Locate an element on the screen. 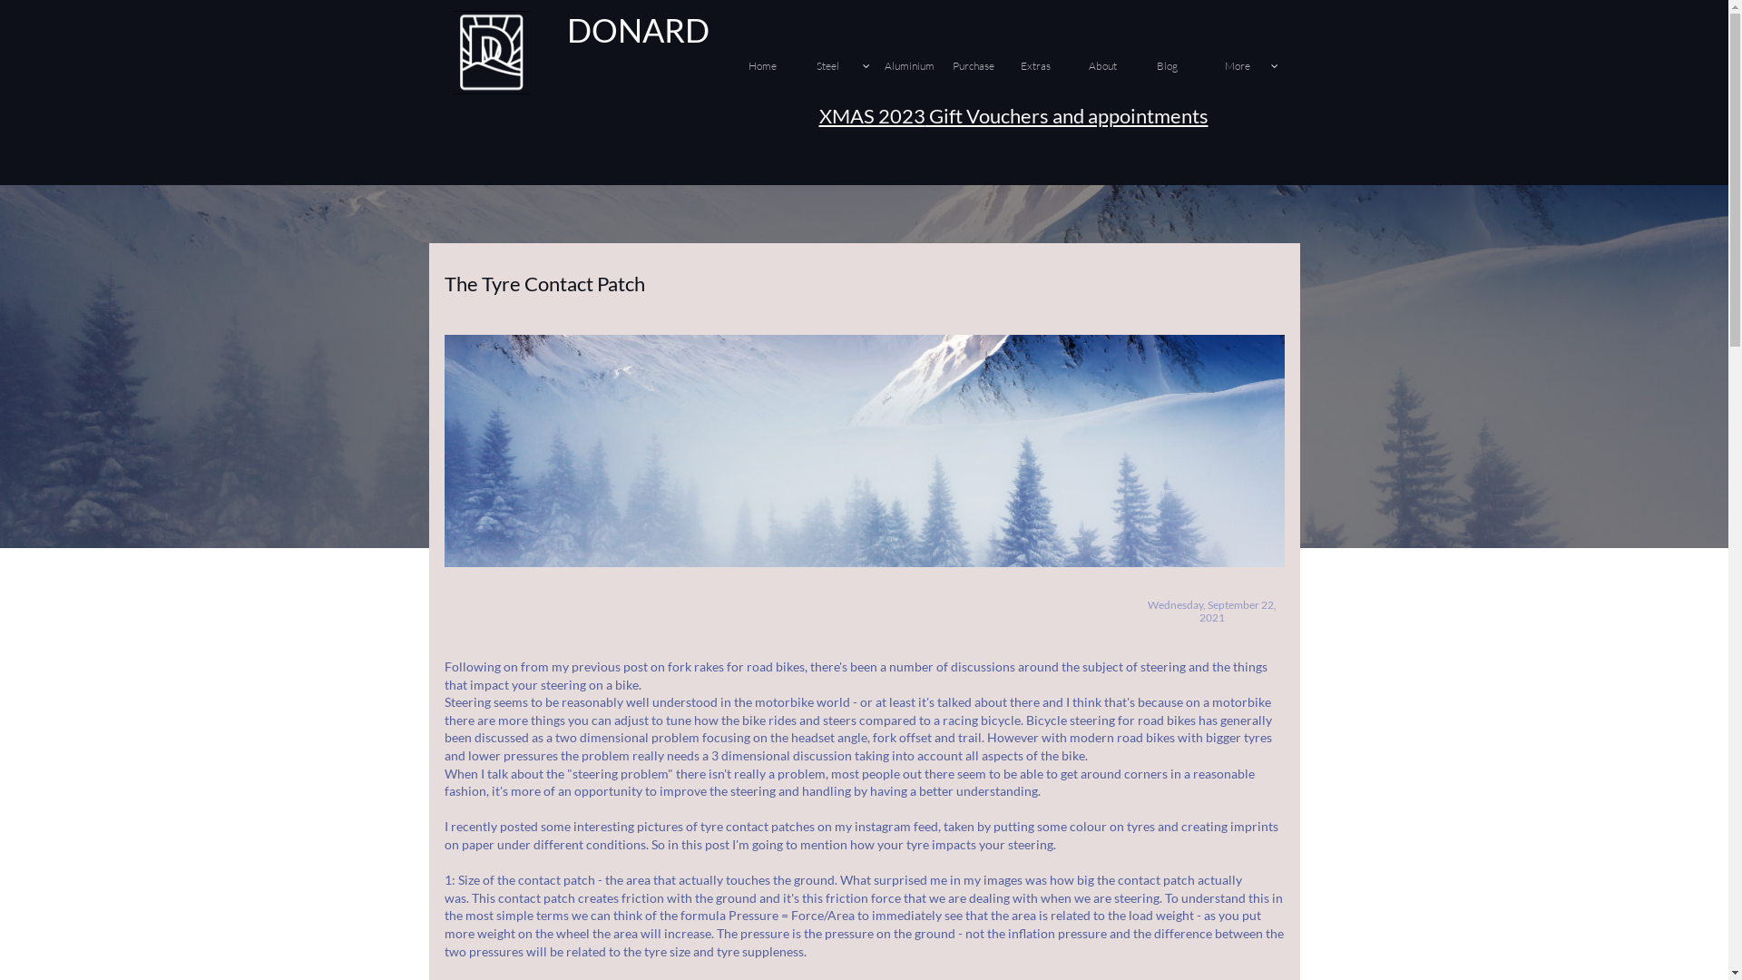  'XMAS 2023' is located at coordinates (871, 115).